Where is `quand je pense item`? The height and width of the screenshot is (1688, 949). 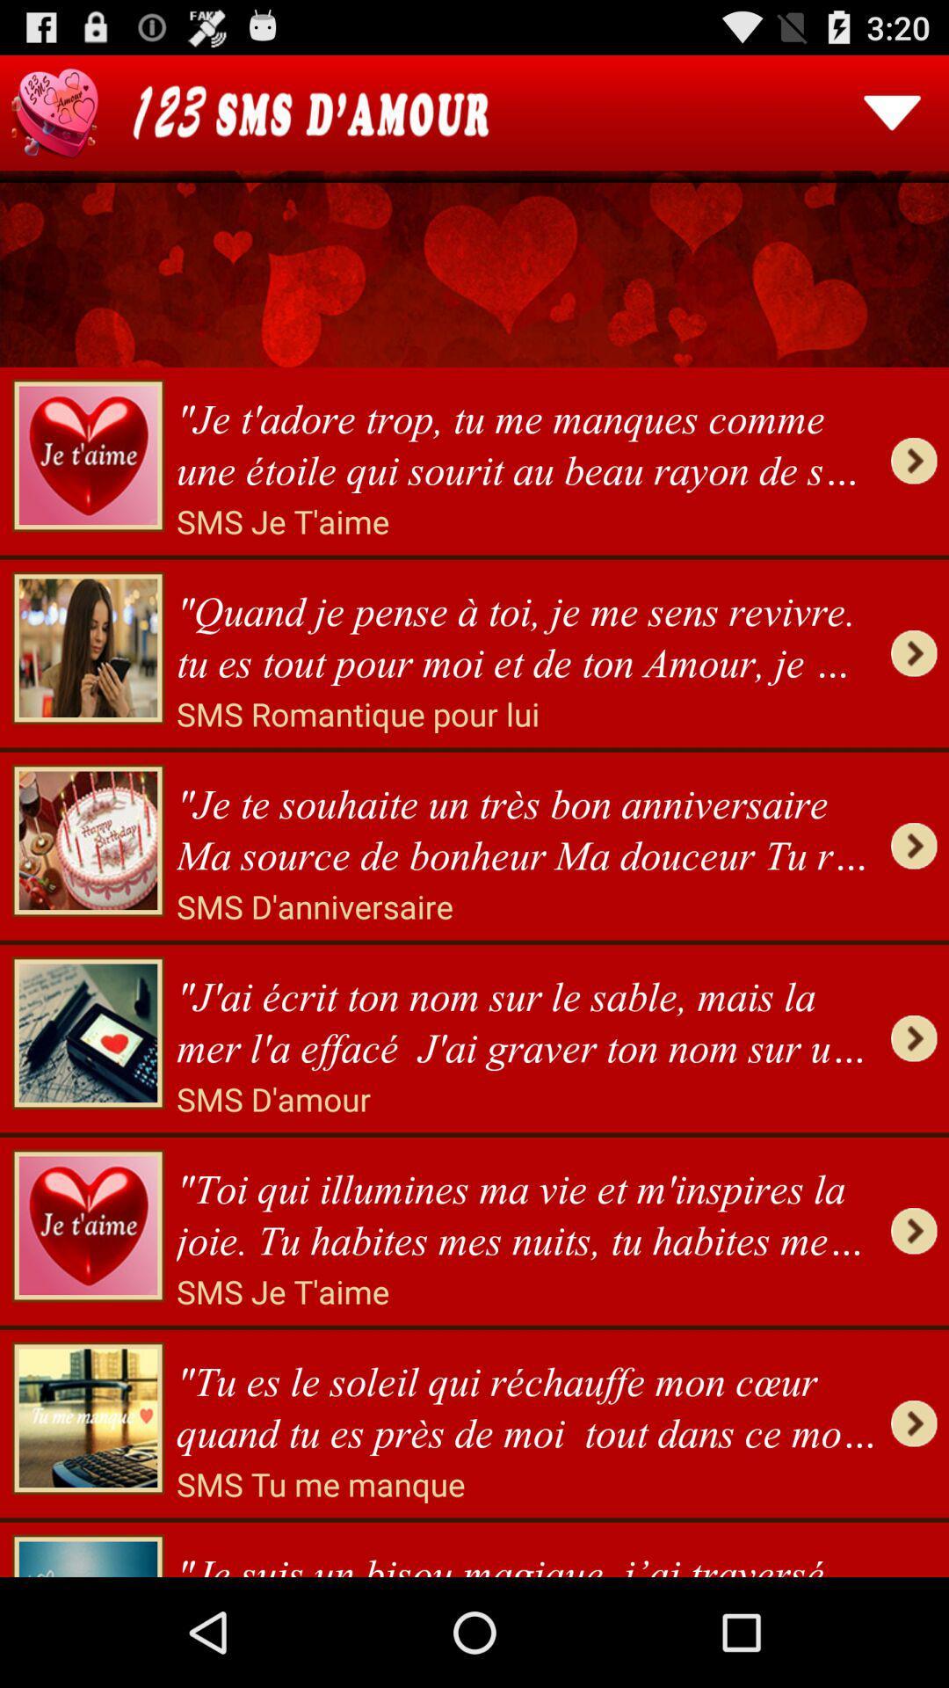 quand je pense item is located at coordinates (526, 631).